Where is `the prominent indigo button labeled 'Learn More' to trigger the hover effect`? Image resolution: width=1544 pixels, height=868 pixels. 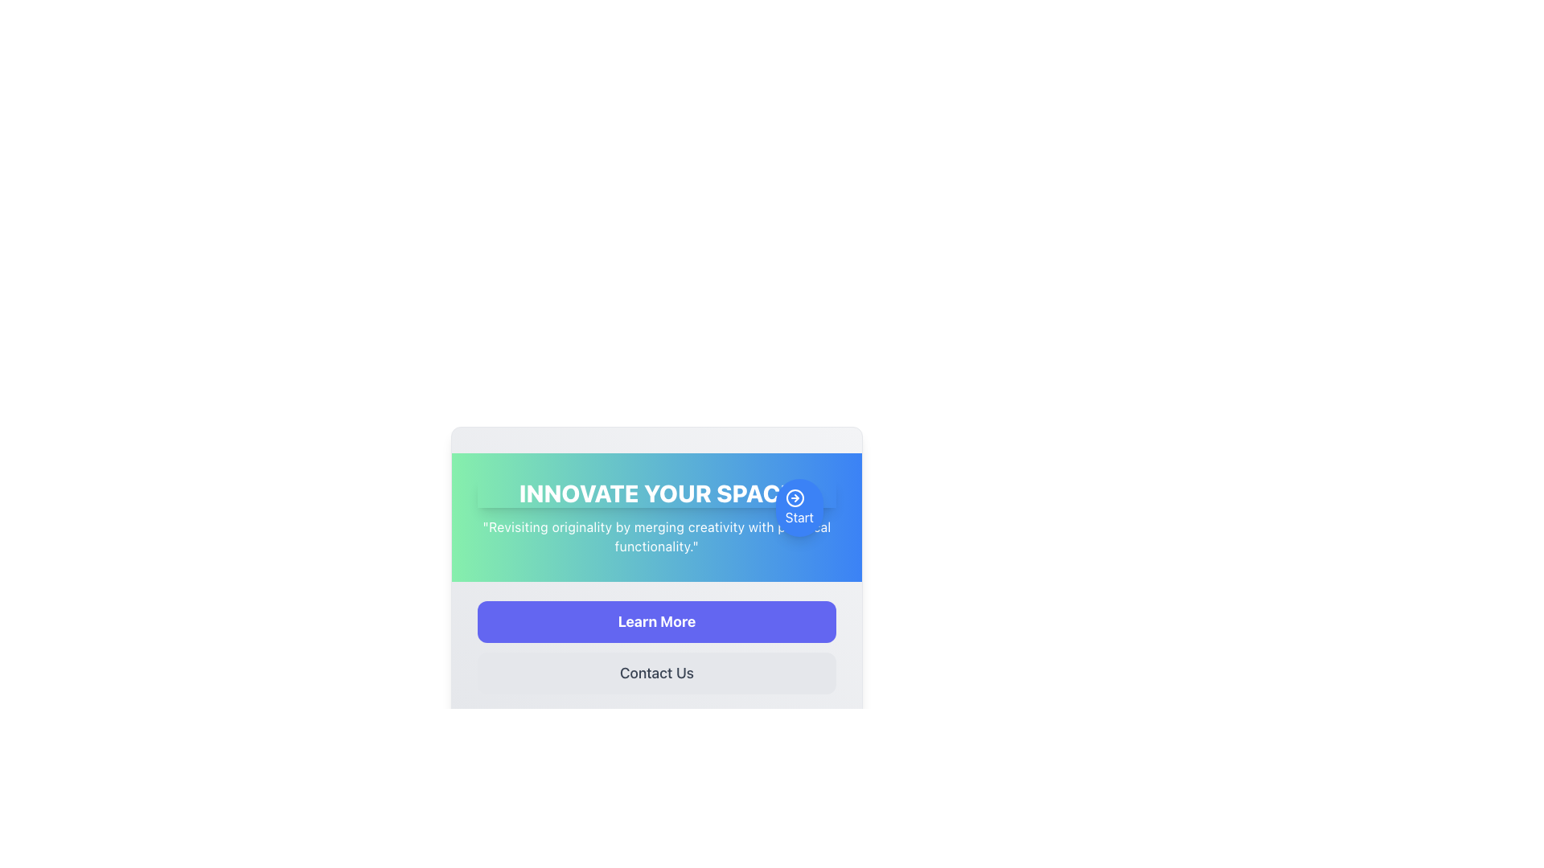 the prominent indigo button labeled 'Learn More' to trigger the hover effect is located at coordinates (656, 621).